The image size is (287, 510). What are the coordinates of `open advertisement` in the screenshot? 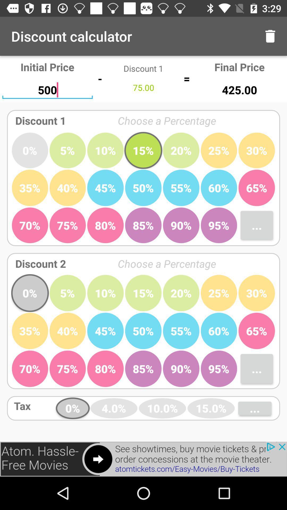 It's located at (143, 459).